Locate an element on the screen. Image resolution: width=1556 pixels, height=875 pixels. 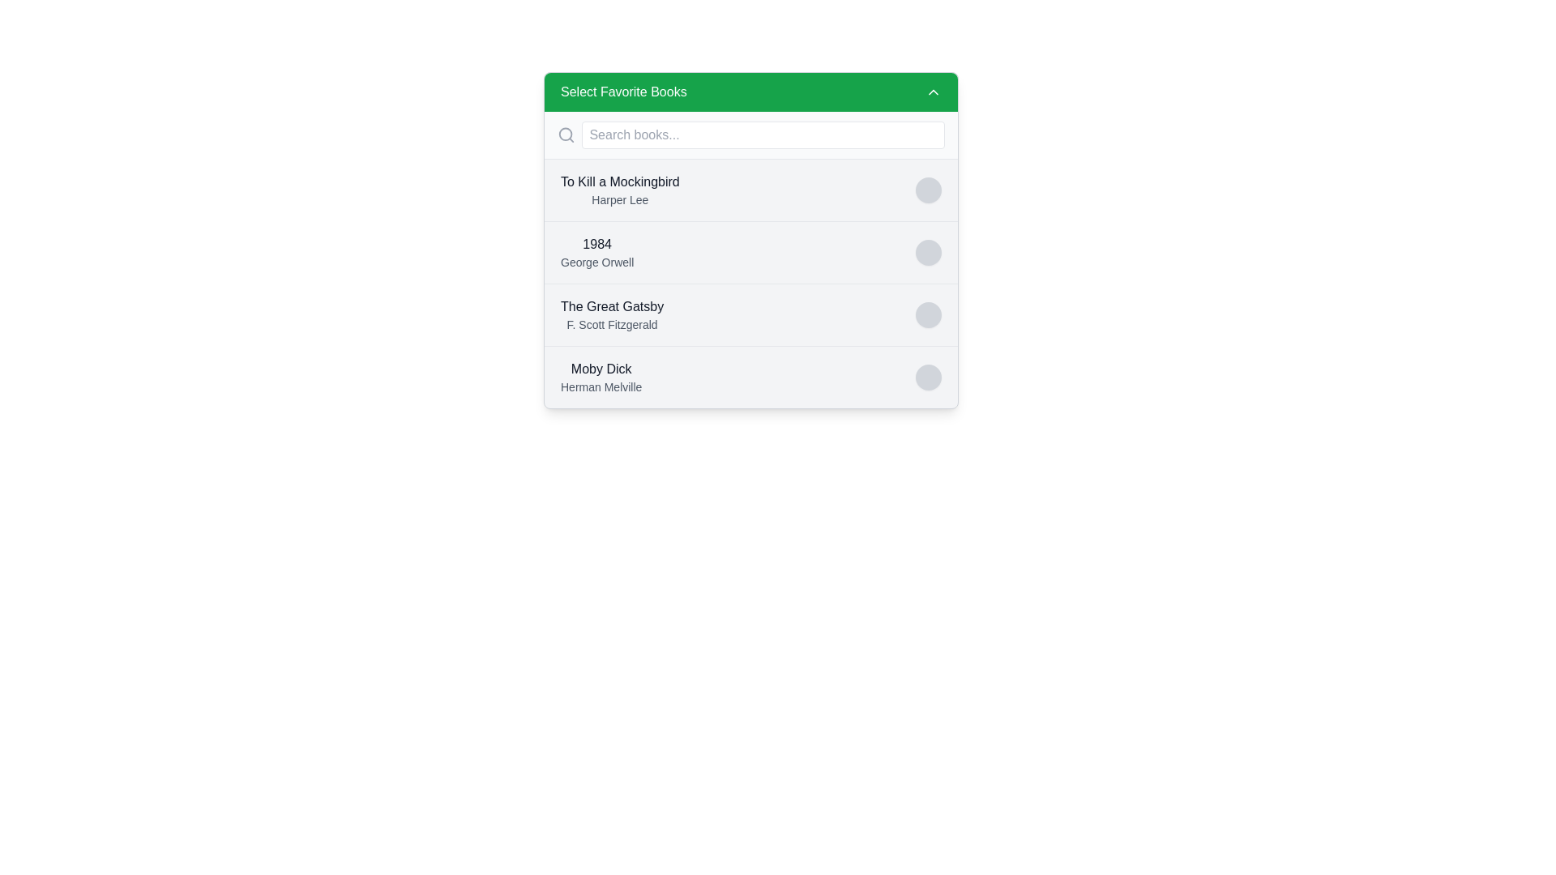
the List item displaying '1984' by George Orwell is located at coordinates (596, 253).